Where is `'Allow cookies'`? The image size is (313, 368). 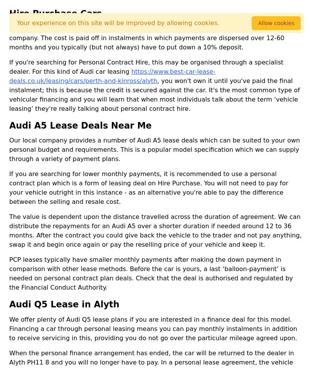
'Allow cookies' is located at coordinates (276, 23).